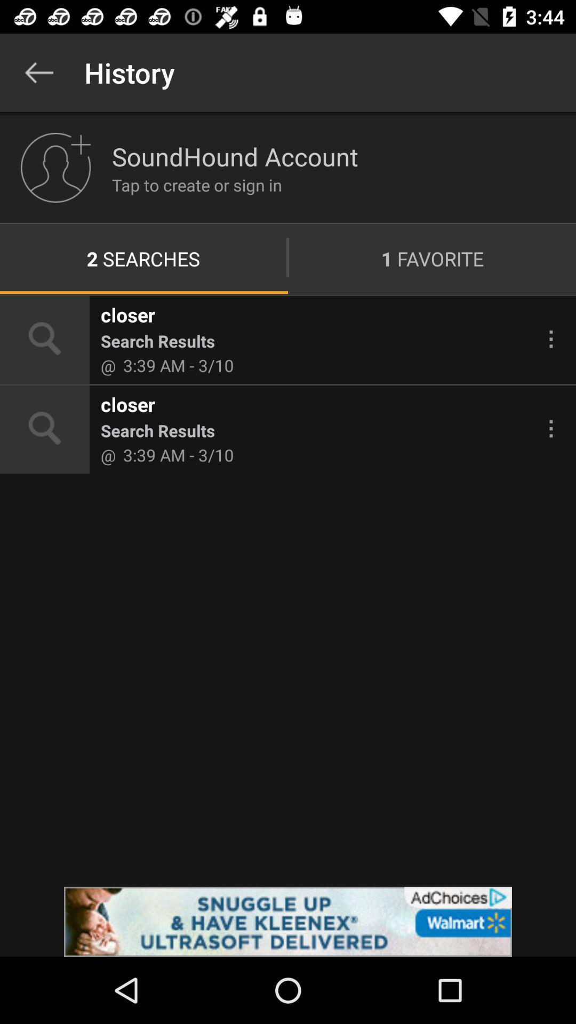 This screenshot has width=576, height=1024. What do you see at coordinates (551, 339) in the screenshot?
I see `the more icon` at bounding box center [551, 339].